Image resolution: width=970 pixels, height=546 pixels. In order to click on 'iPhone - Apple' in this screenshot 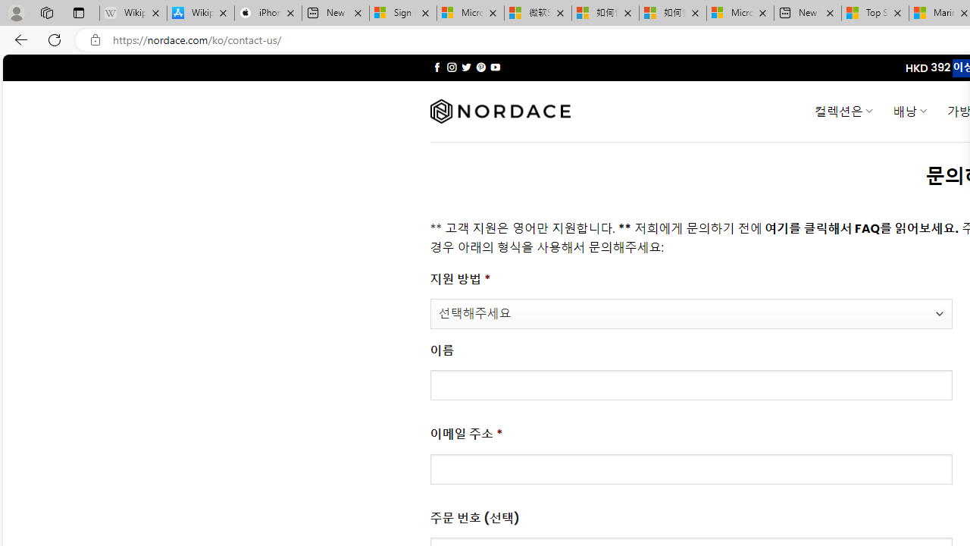, I will do `click(268, 13)`.